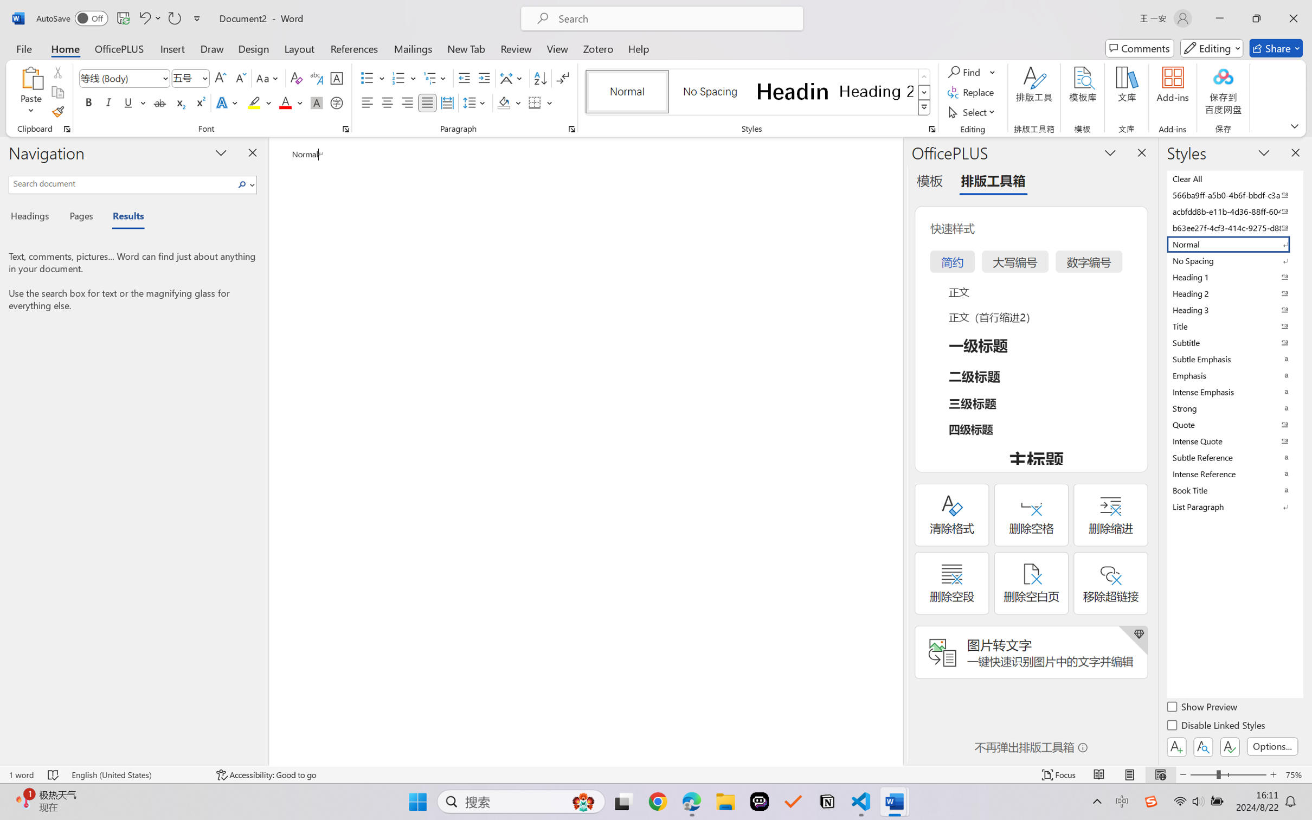  I want to click on 'Office Clipboard...', so click(66, 129).